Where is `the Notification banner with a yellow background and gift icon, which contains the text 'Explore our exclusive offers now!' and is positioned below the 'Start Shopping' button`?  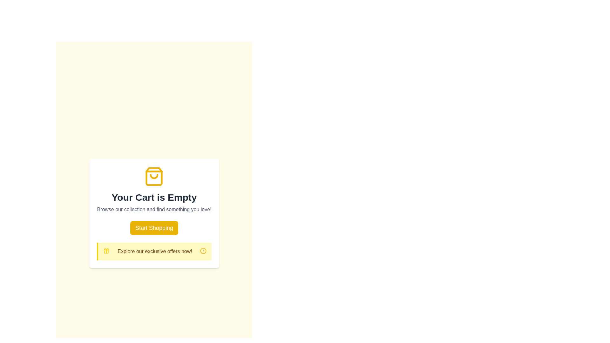
the Notification banner with a yellow background and gift icon, which contains the text 'Explore our exclusive offers now!' and is positioned below the 'Start Shopping' button is located at coordinates (154, 251).